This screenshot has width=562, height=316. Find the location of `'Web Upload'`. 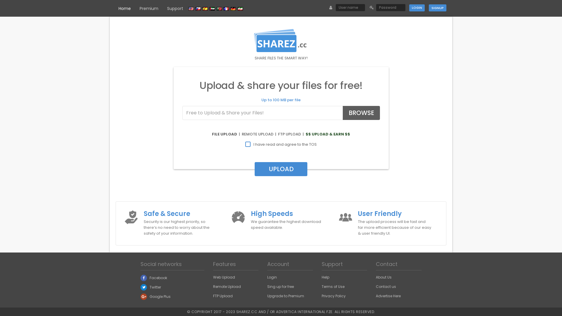

'Web Upload' is located at coordinates (224, 277).